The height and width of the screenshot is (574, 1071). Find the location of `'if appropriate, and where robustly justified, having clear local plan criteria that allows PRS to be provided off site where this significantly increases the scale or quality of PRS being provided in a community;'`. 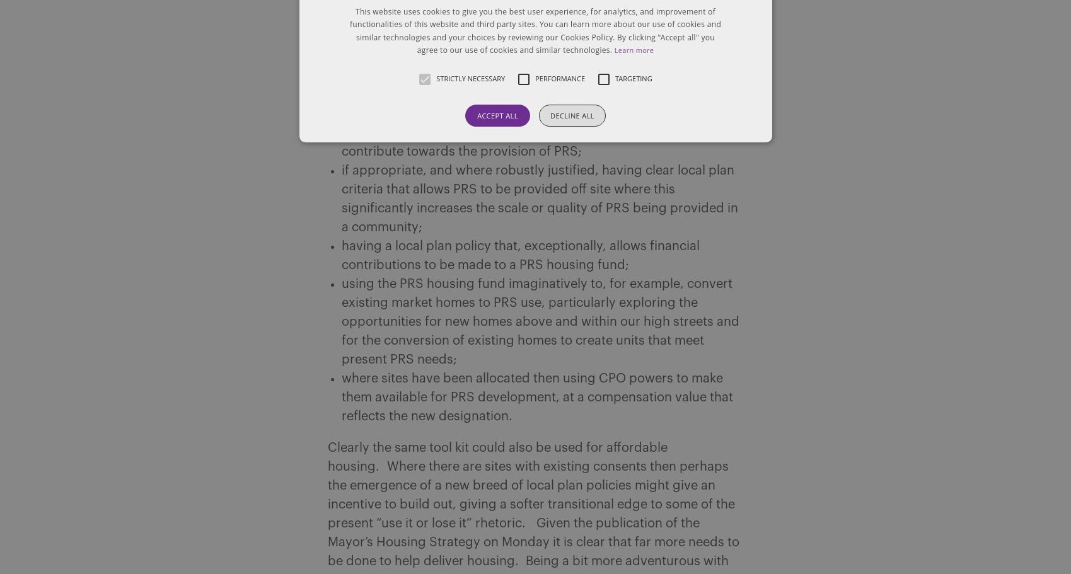

'if appropriate, and where robustly justified, having clear local plan criteria that allows PRS to be provided off site where this significantly increases the scale or quality of PRS being provided in a community;' is located at coordinates (538, 198).